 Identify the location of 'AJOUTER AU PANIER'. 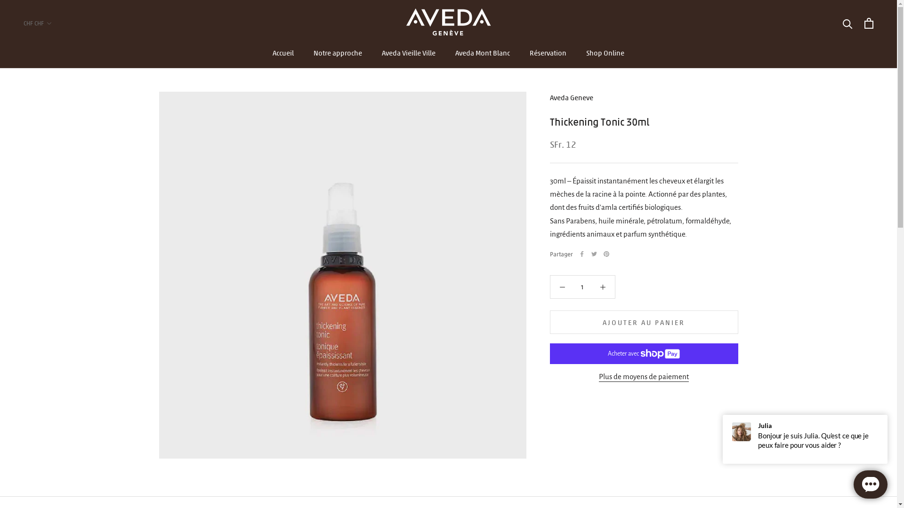
(644, 322).